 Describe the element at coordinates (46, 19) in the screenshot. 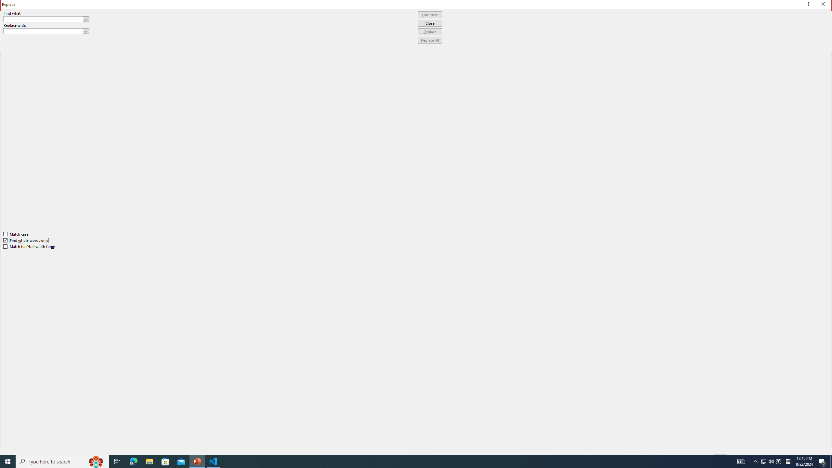

I see `'Find what'` at that location.